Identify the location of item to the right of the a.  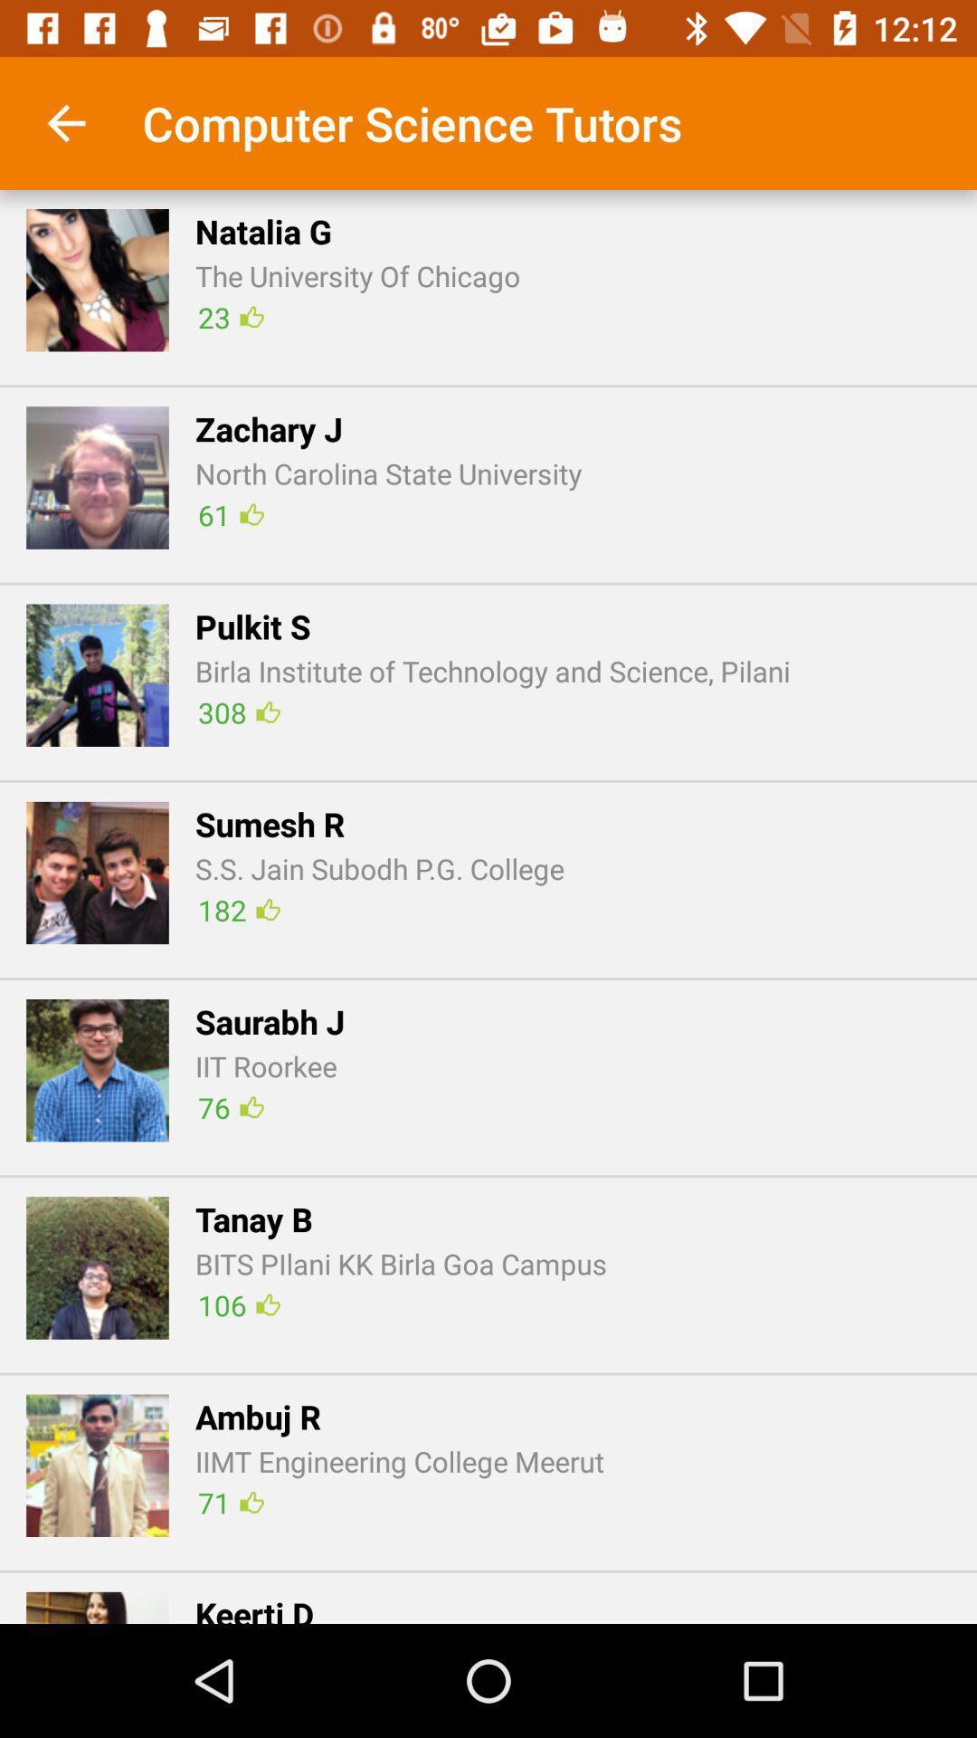
(230, 1503).